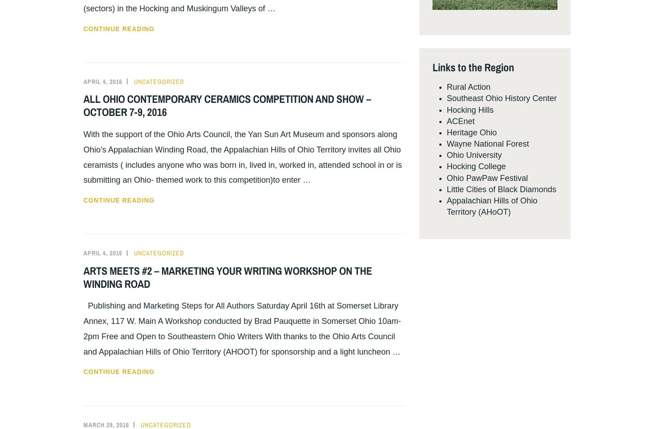  Describe the element at coordinates (468, 87) in the screenshot. I see `'Rural Action'` at that location.